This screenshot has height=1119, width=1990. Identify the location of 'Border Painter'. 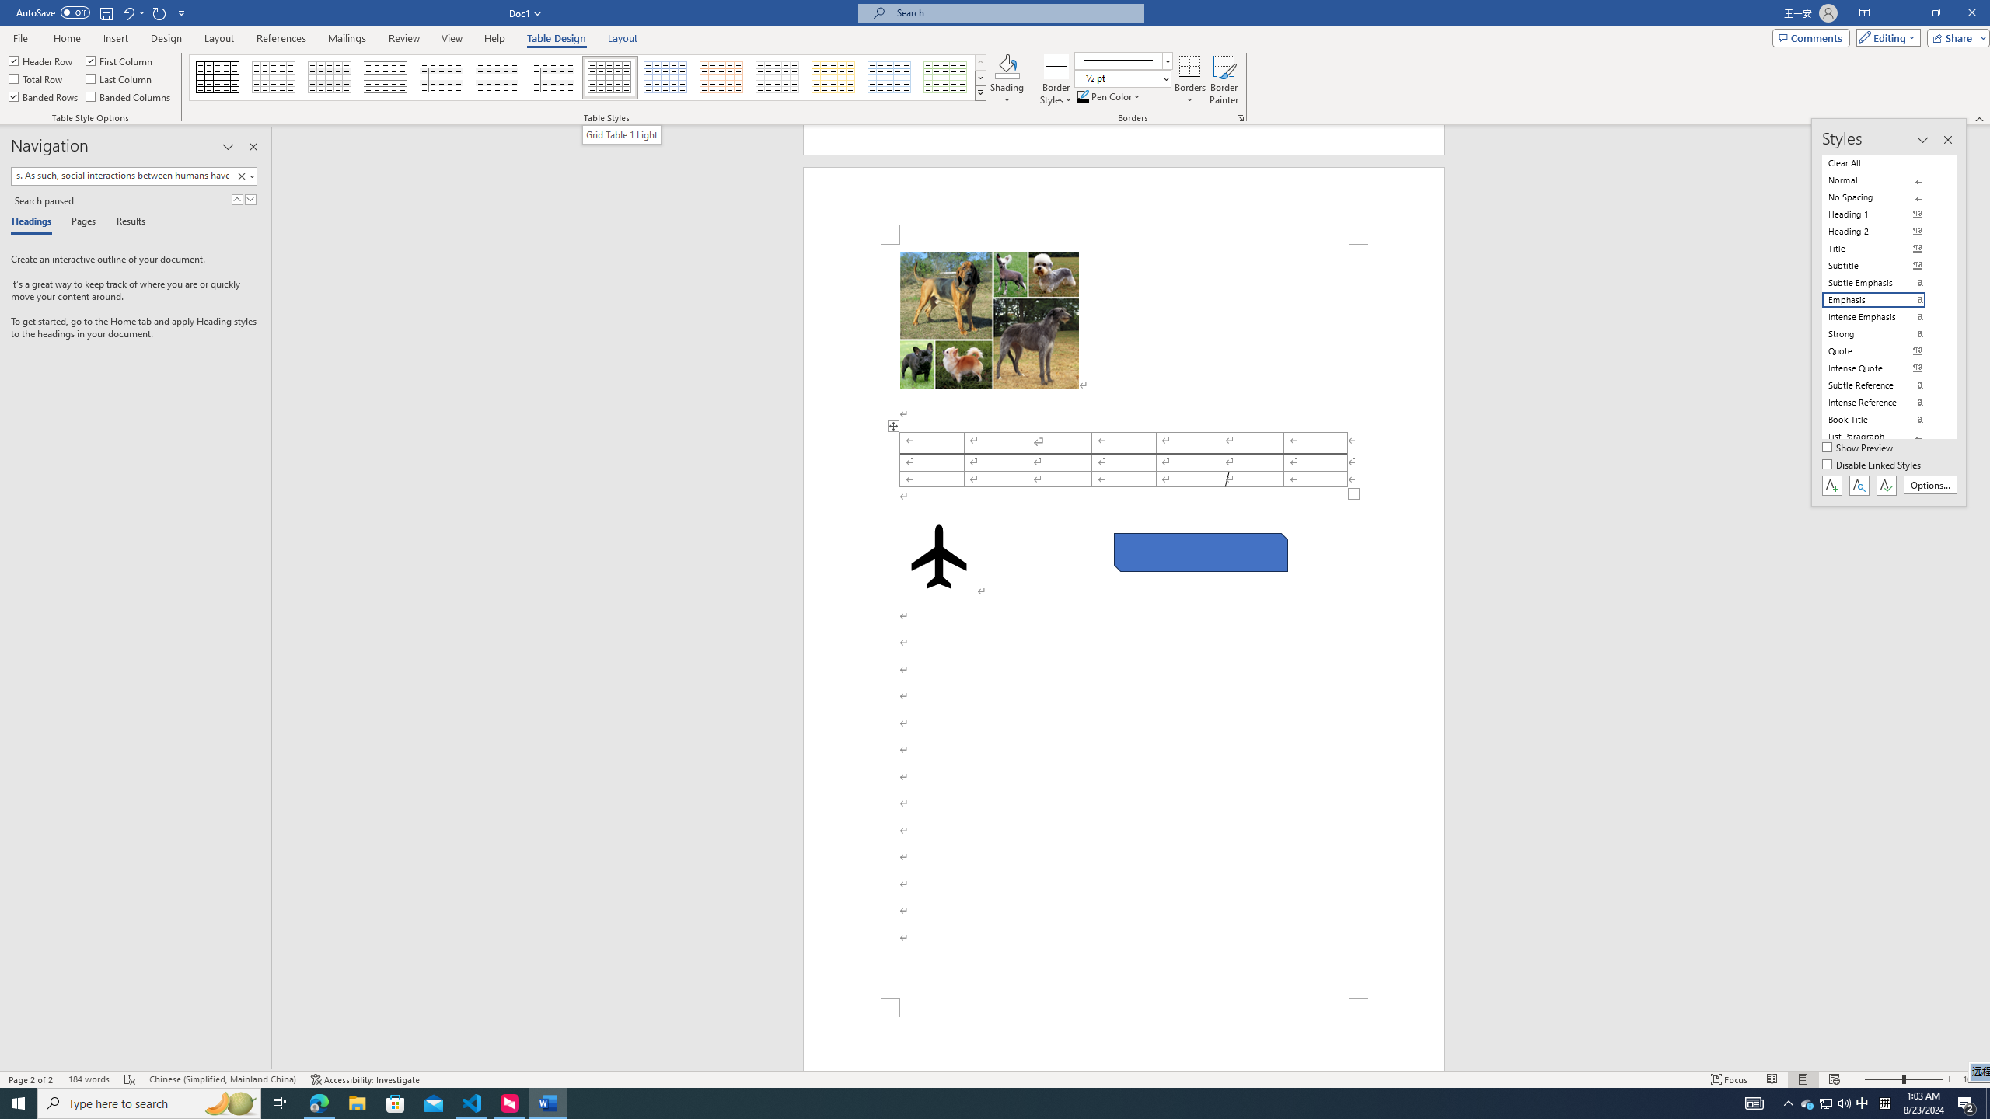
(1223, 80).